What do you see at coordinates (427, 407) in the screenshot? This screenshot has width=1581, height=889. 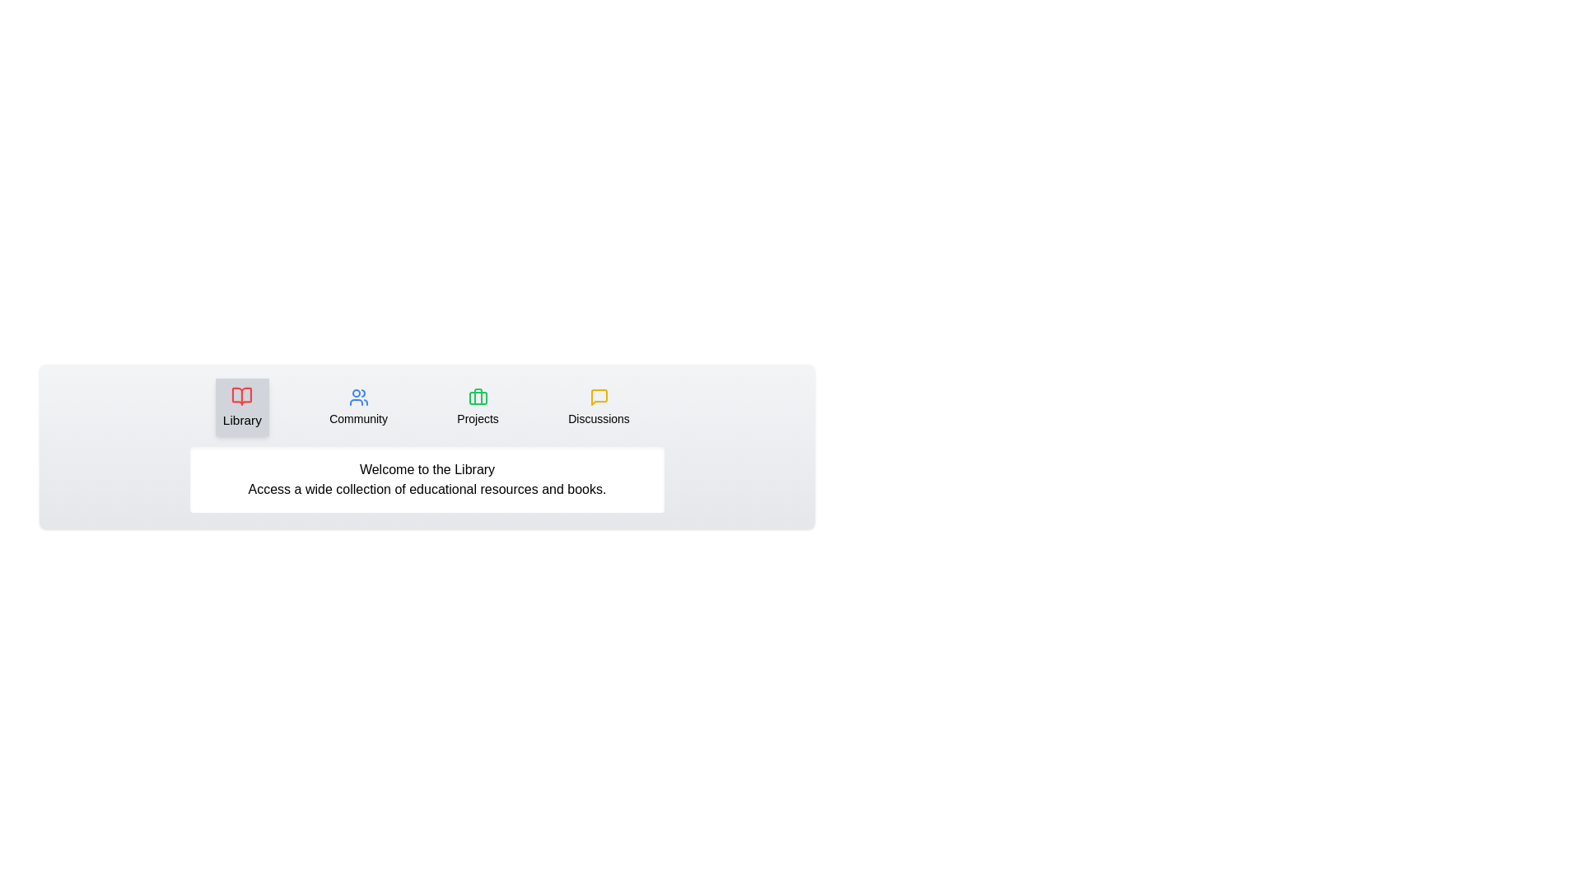 I see `the Navigation bar containing labeled buttons for 'Library', 'Community', 'Projects', and 'Discussions'` at bounding box center [427, 407].